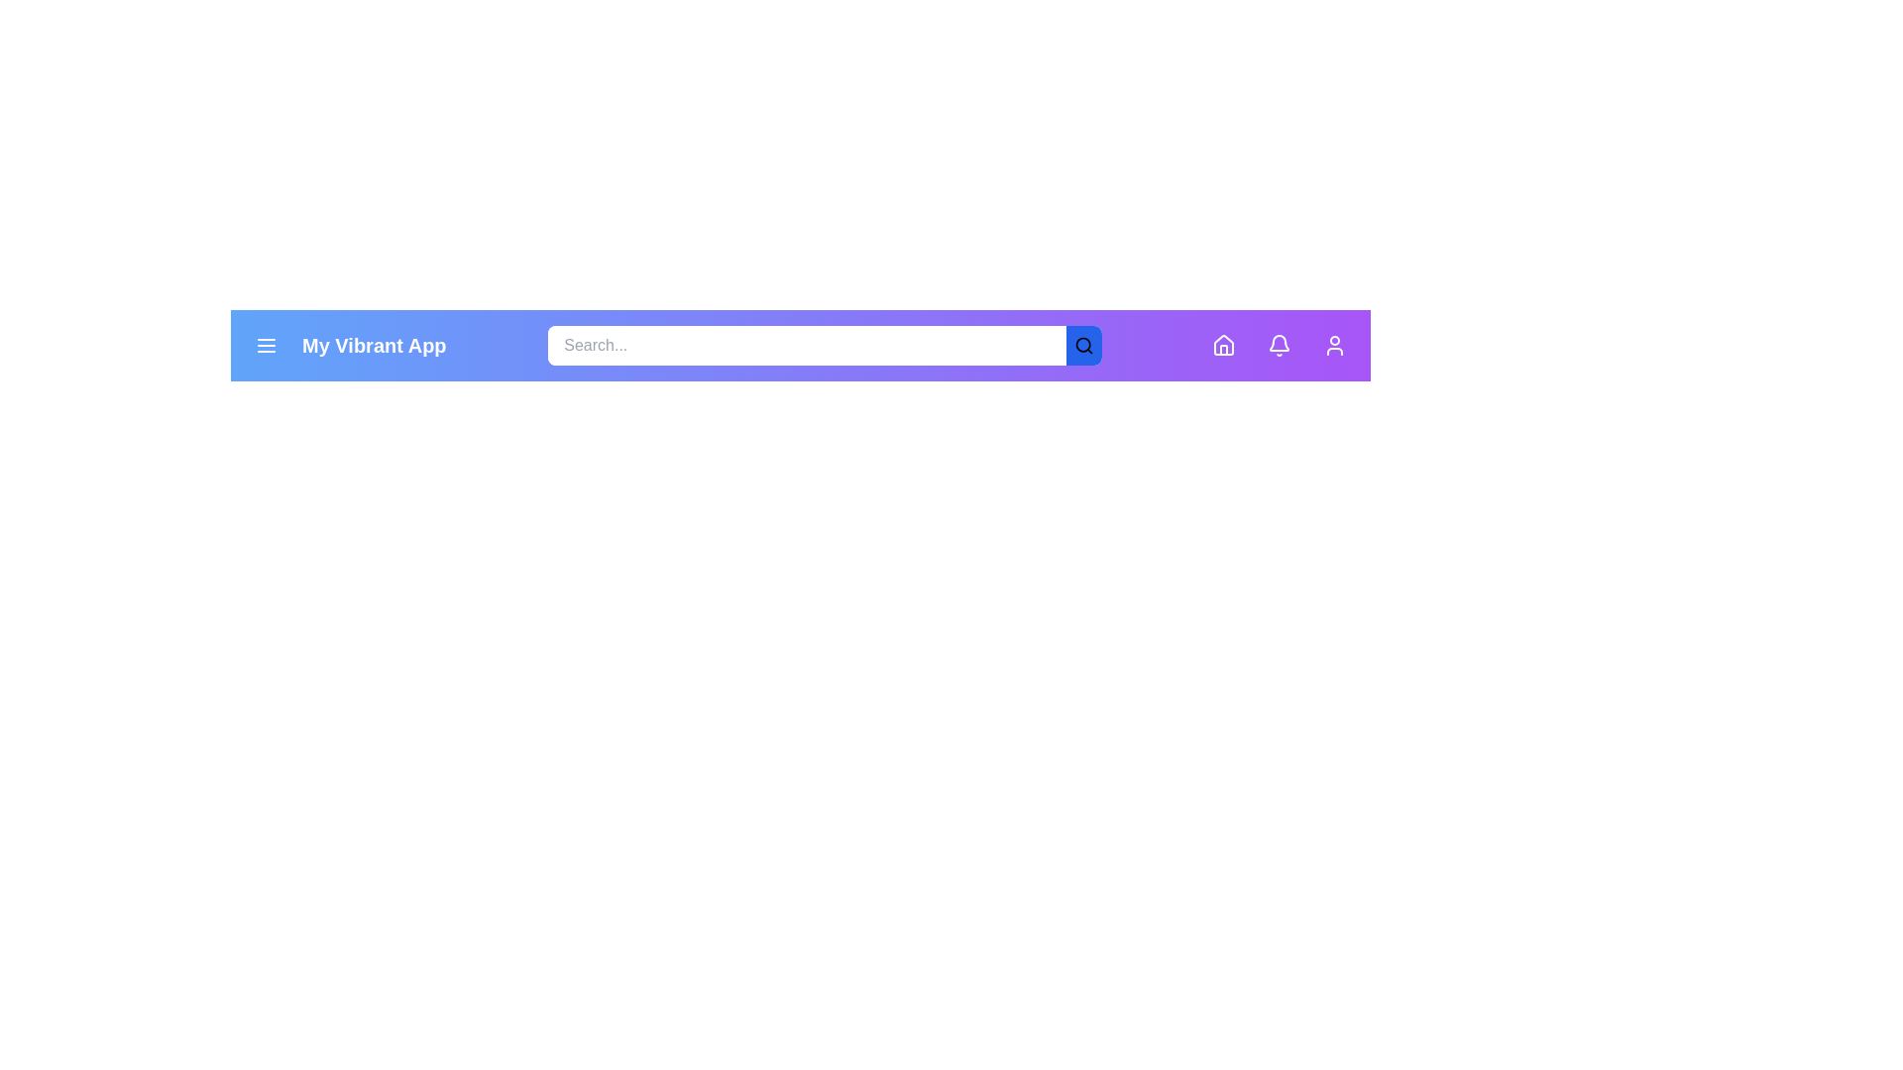 The image size is (1903, 1070). What do you see at coordinates (807, 344) in the screenshot?
I see `the search bar and type the query 'example query'` at bounding box center [807, 344].